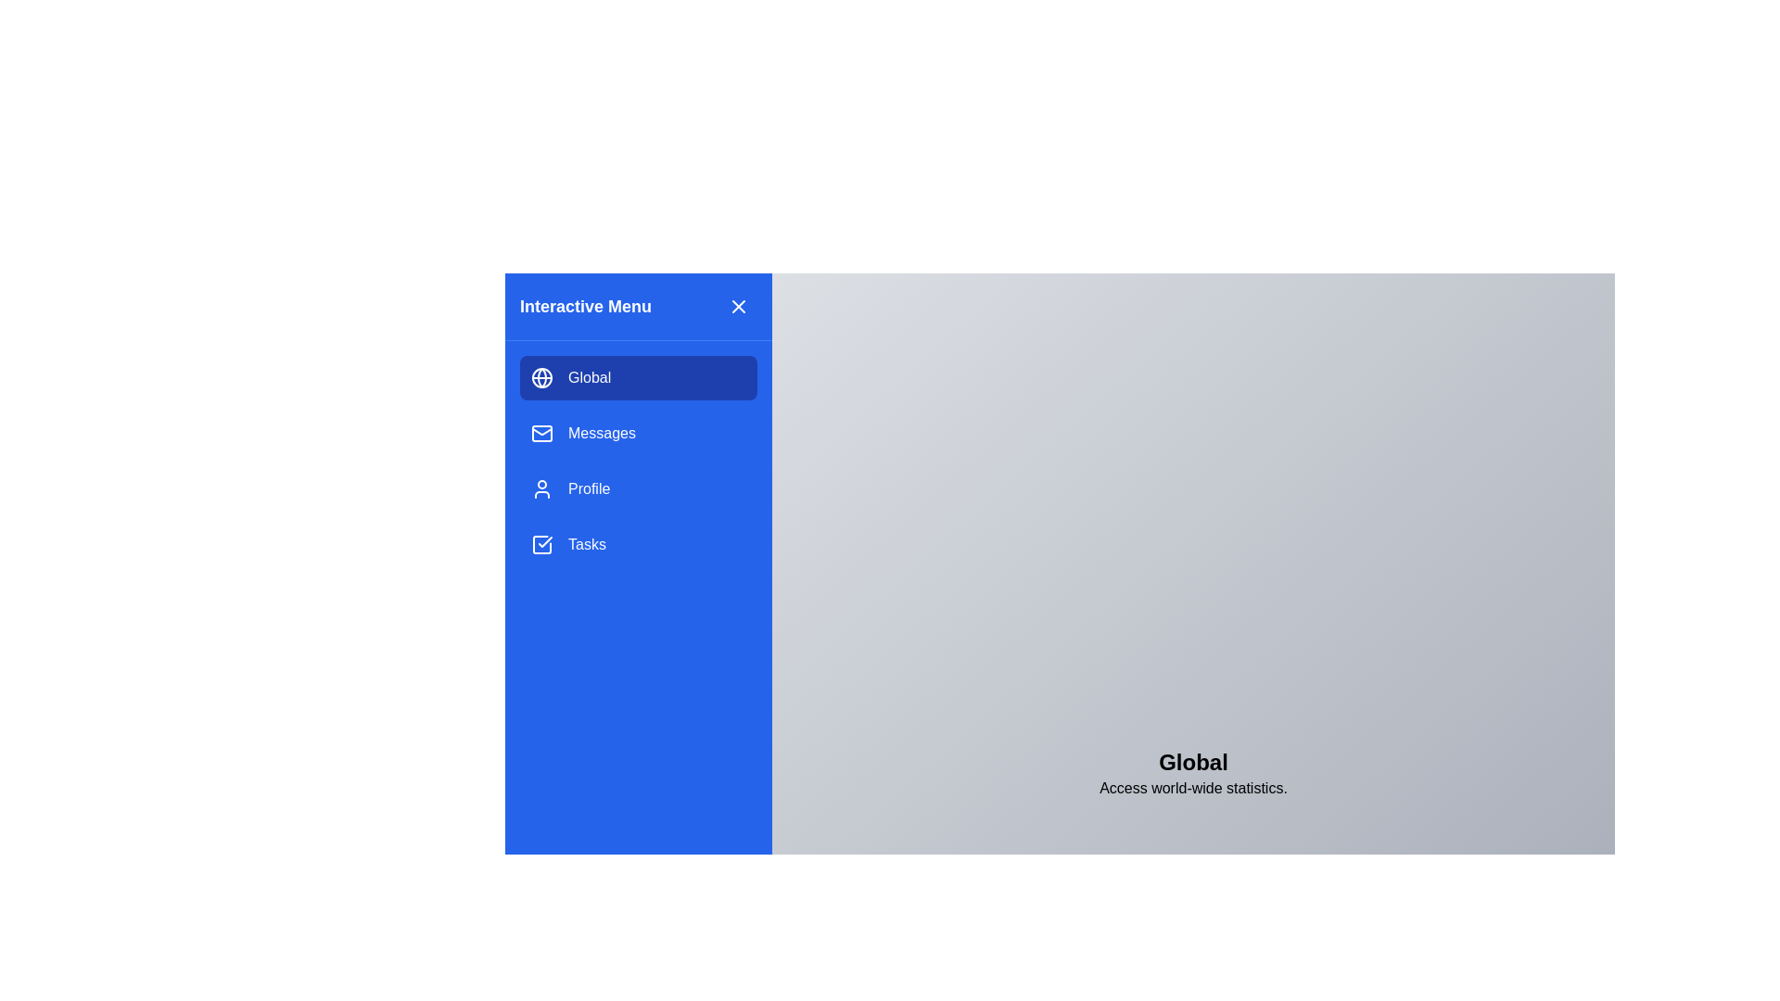 This screenshot has height=1001, width=1780. Describe the element at coordinates (541, 377) in the screenshot. I see `the globe icon styled with a circular border and longitude/latitude marks, located inside the interactive menu next to the 'Global' label` at that location.